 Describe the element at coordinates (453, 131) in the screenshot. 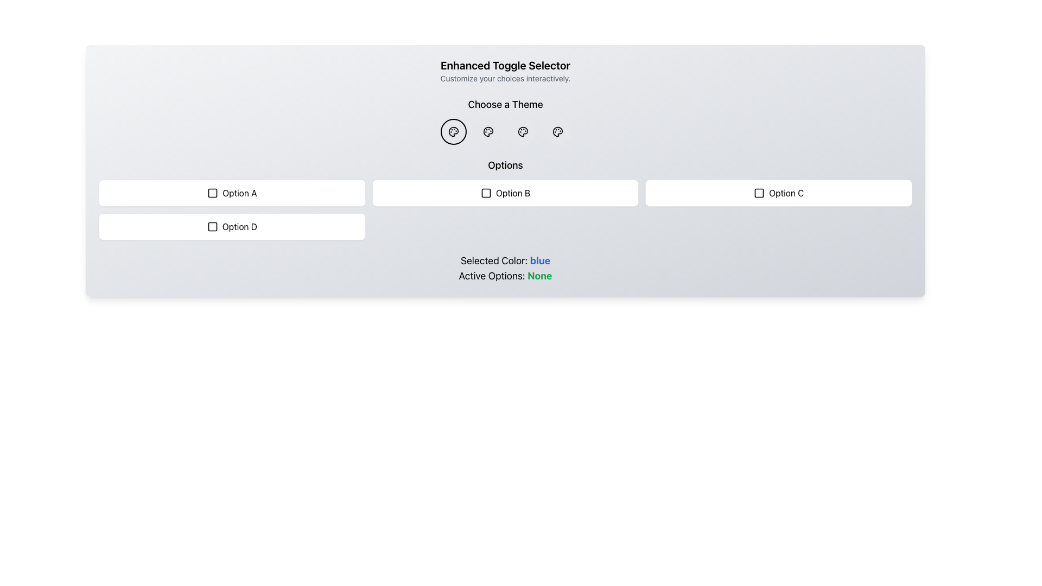

I see `the first circular icon resembling a palette under the 'Choose a Theme' heading` at that location.